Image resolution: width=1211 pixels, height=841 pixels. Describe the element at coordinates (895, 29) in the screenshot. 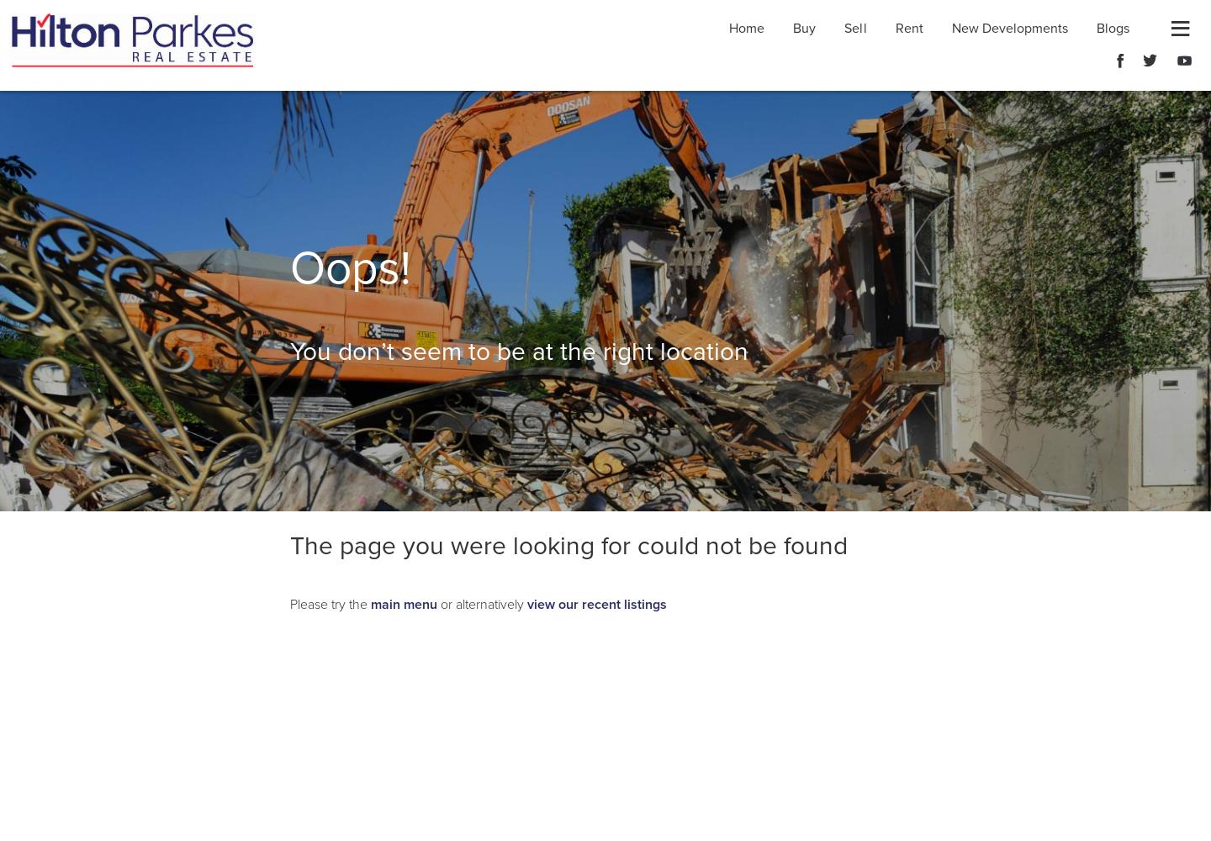

I see `'Rent'` at that location.